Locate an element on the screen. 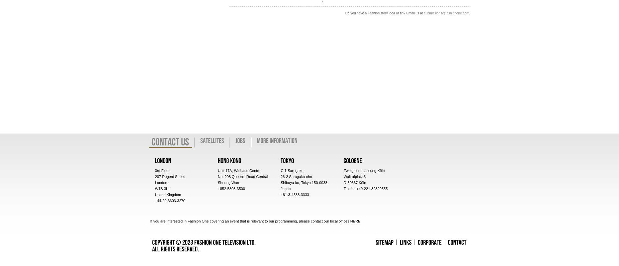  'D-50667 Köln' is located at coordinates (354, 182).